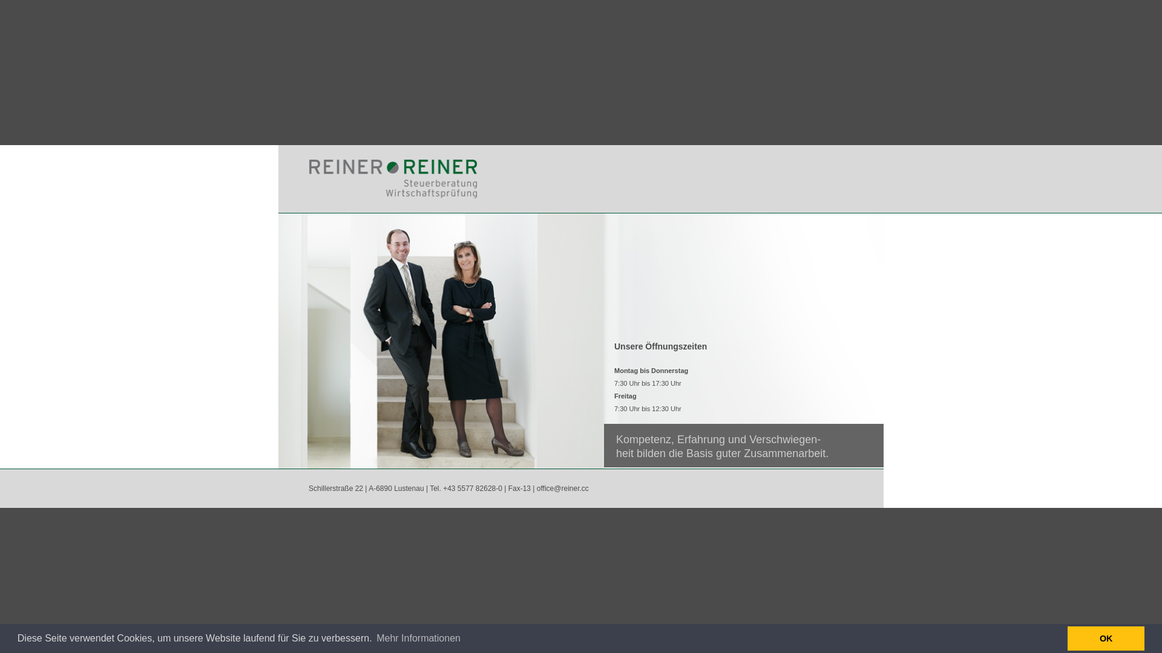  What do you see at coordinates (1106, 638) in the screenshot?
I see `'OK'` at bounding box center [1106, 638].